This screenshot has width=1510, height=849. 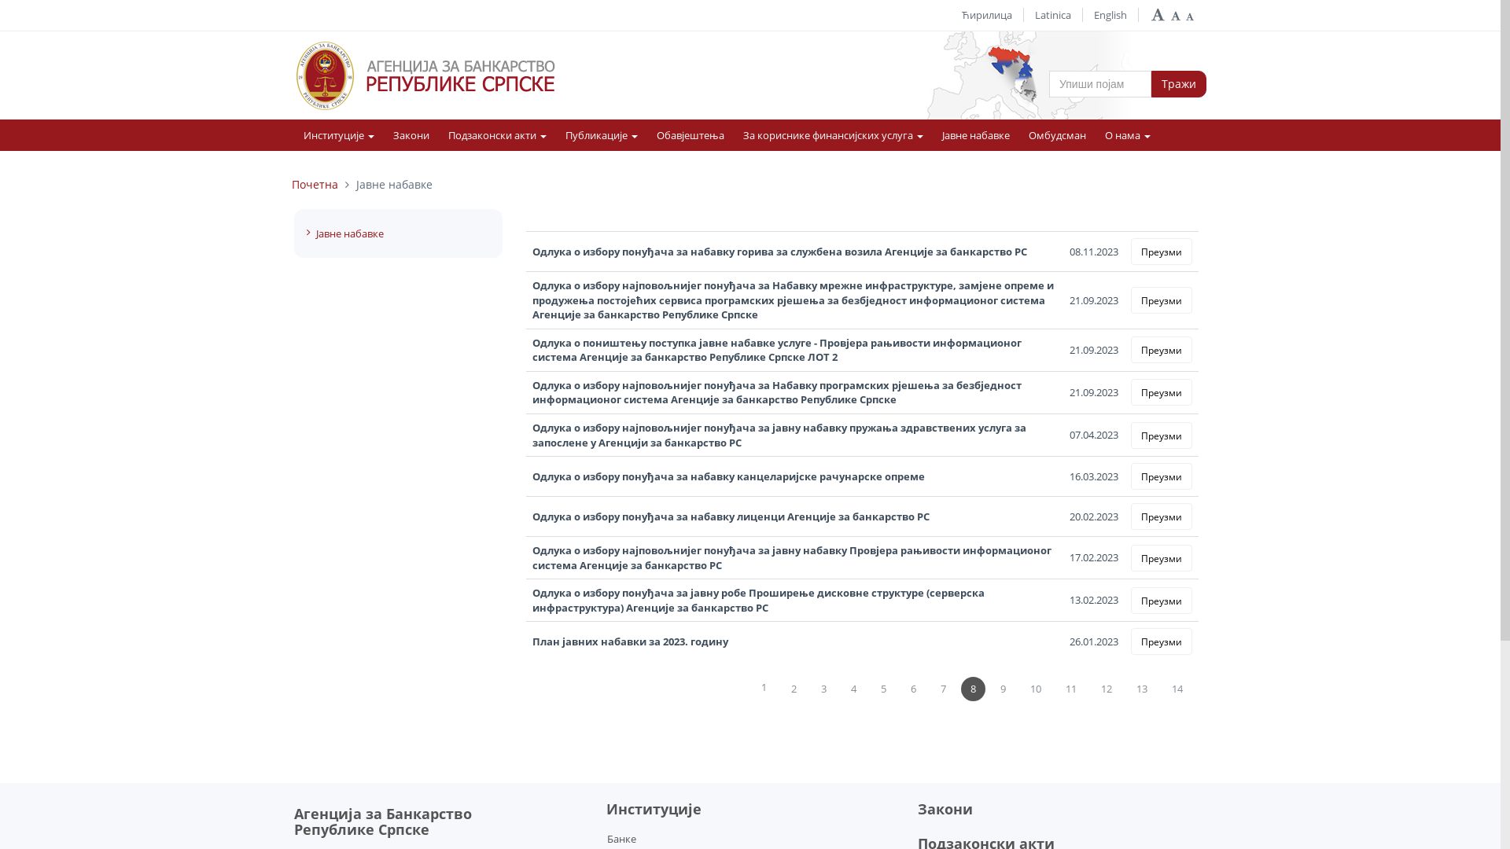 What do you see at coordinates (853, 688) in the screenshot?
I see `'4'` at bounding box center [853, 688].